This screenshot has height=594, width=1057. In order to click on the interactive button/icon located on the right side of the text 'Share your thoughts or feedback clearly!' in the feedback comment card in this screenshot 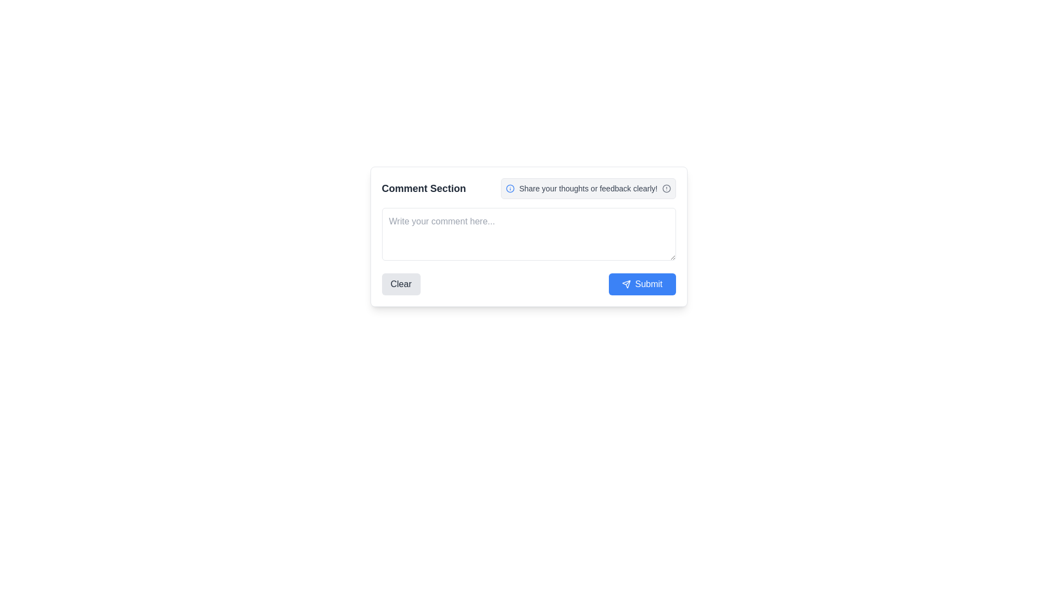, I will do `click(666, 188)`.